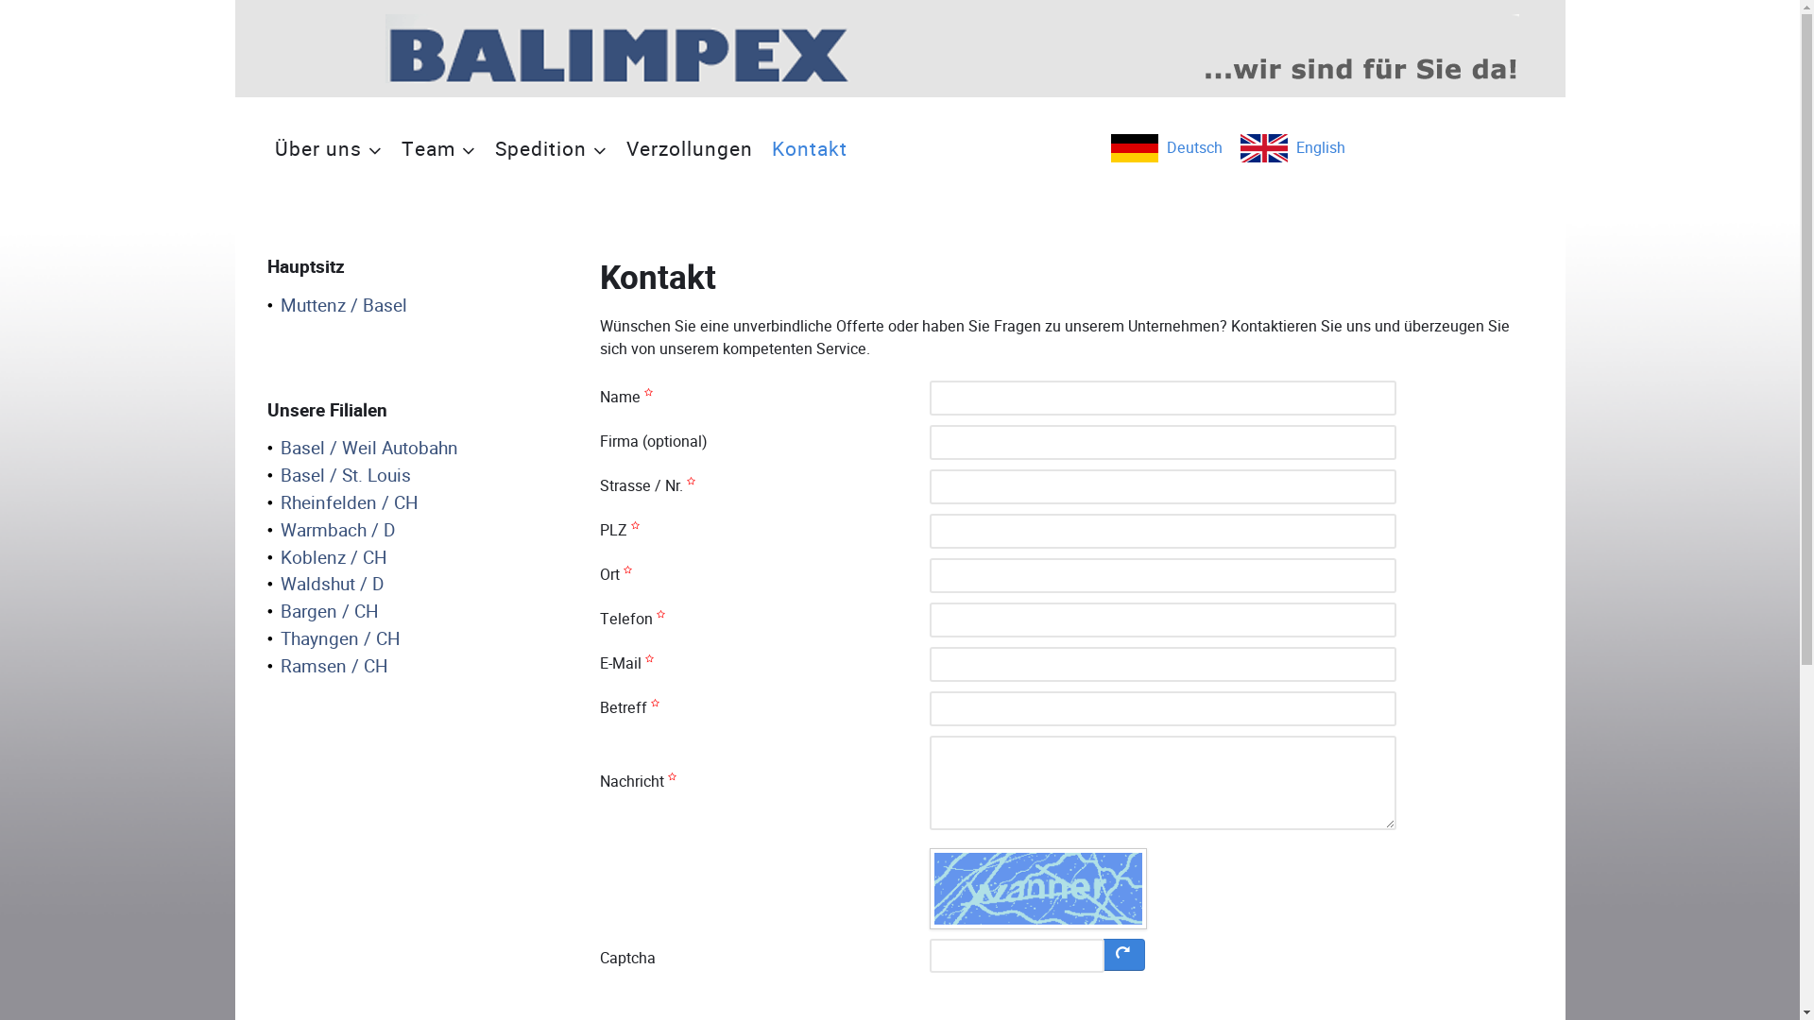 Image resolution: width=1814 pixels, height=1020 pixels. I want to click on 'Deutsch', so click(1165, 146).